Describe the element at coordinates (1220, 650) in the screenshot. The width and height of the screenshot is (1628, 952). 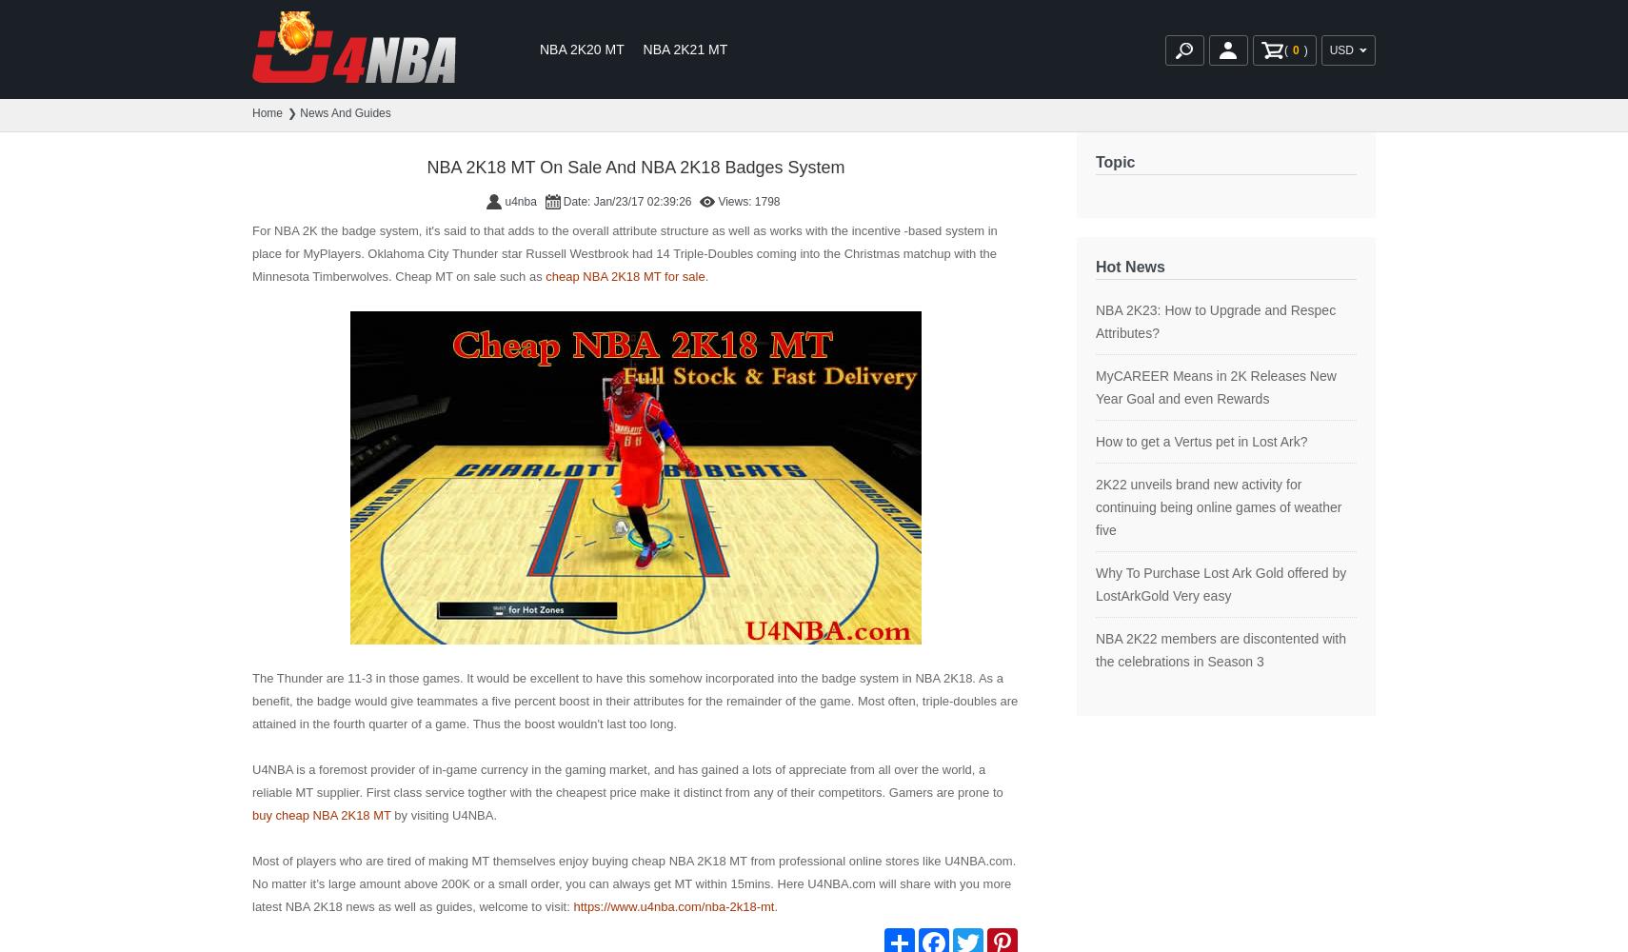
I see `'NBA 2K22 members are discontented with the celebrations in Season 3'` at that location.